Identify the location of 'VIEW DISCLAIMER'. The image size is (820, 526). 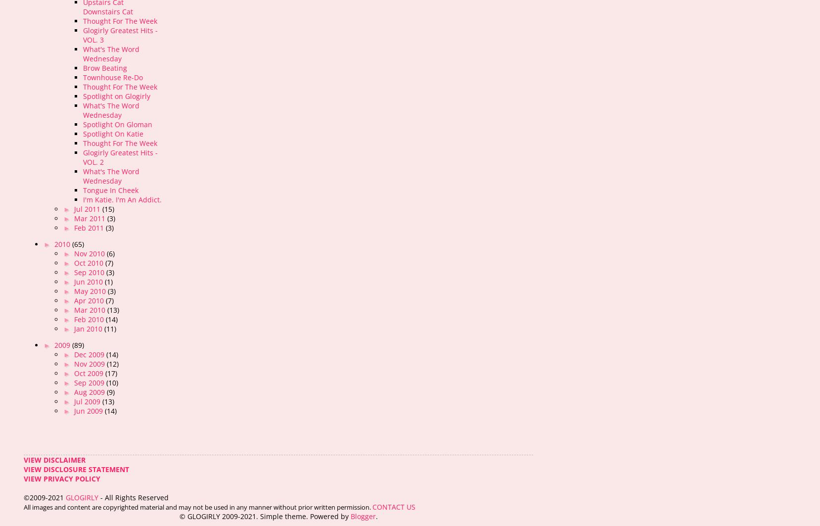
(54, 459).